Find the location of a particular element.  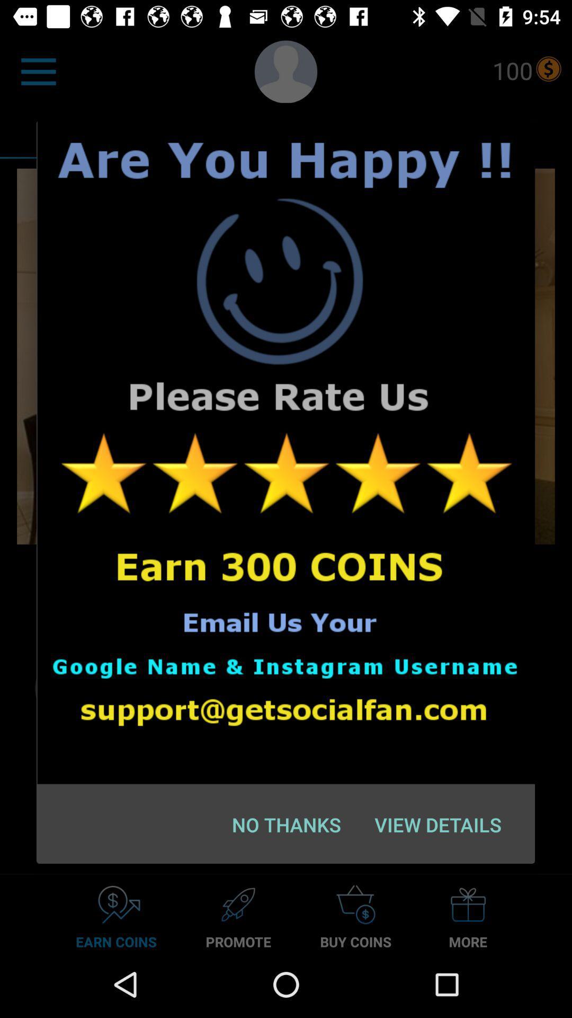

the view details item is located at coordinates (438, 824).